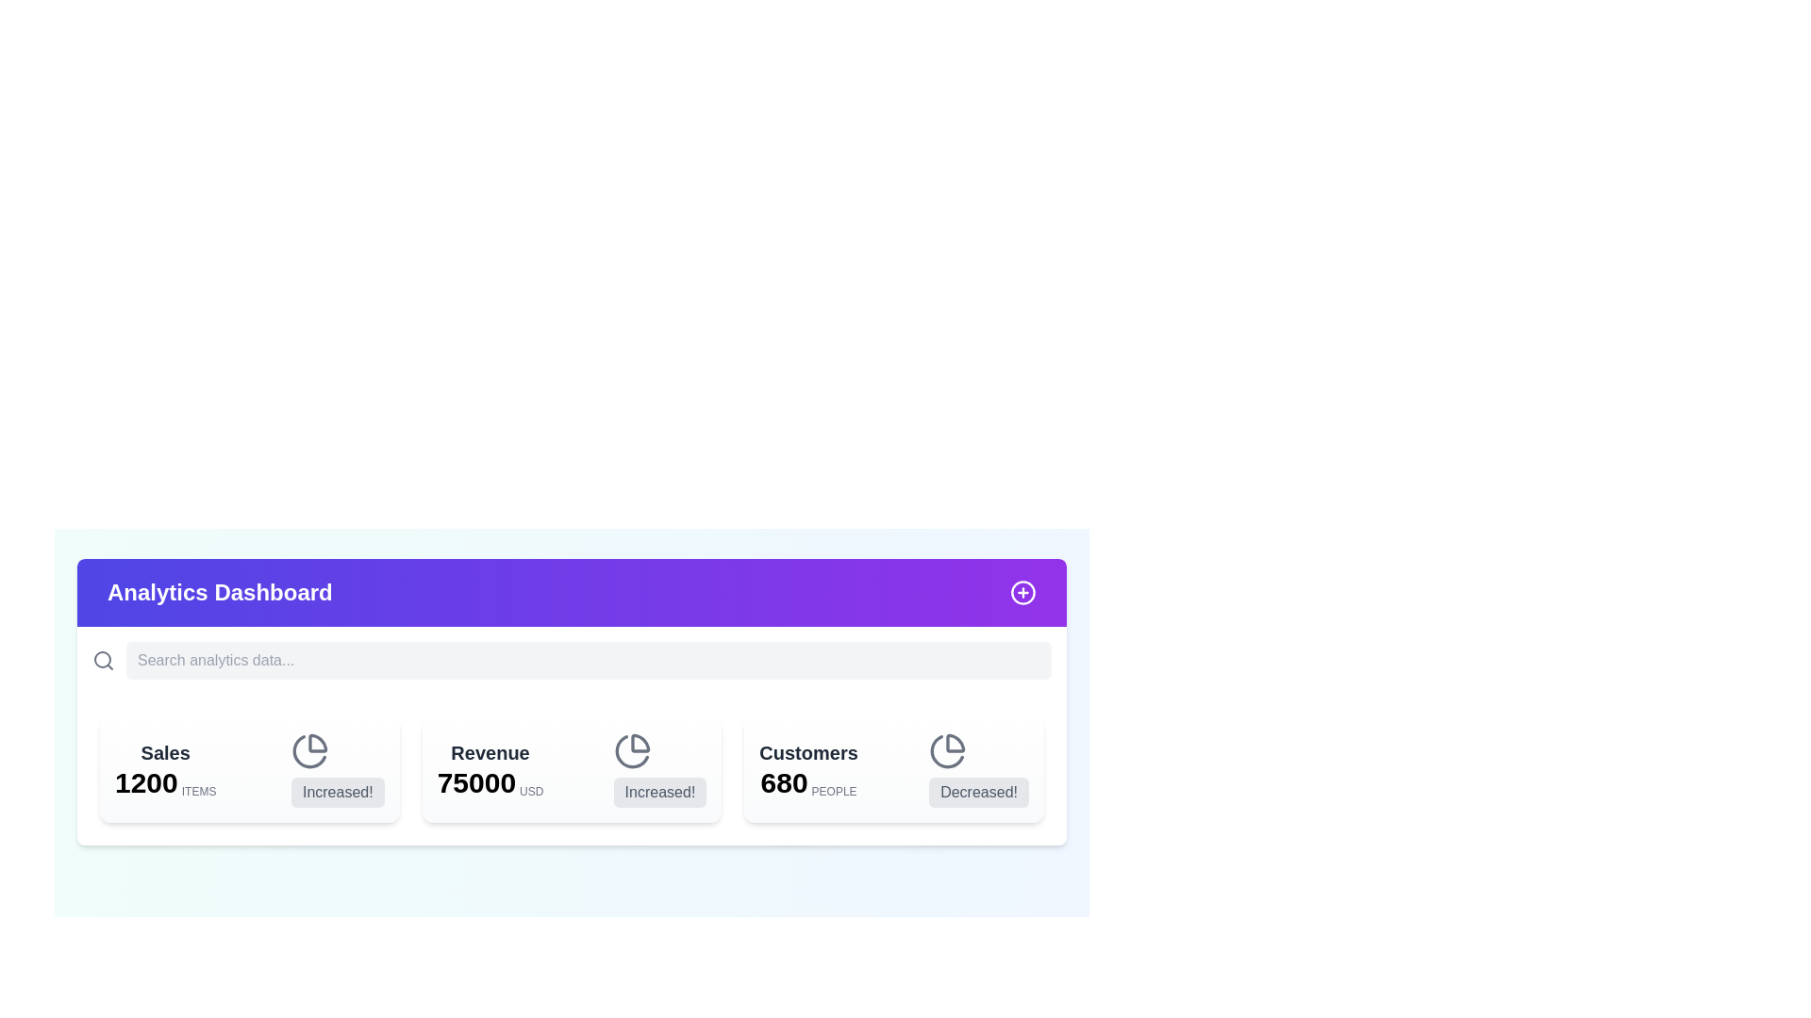  What do you see at coordinates (145, 782) in the screenshot?
I see `the sales count text element located below the 'Sales' label and to the left of the 'ITEMS' label in the top-left quadrant of the dashboard` at bounding box center [145, 782].